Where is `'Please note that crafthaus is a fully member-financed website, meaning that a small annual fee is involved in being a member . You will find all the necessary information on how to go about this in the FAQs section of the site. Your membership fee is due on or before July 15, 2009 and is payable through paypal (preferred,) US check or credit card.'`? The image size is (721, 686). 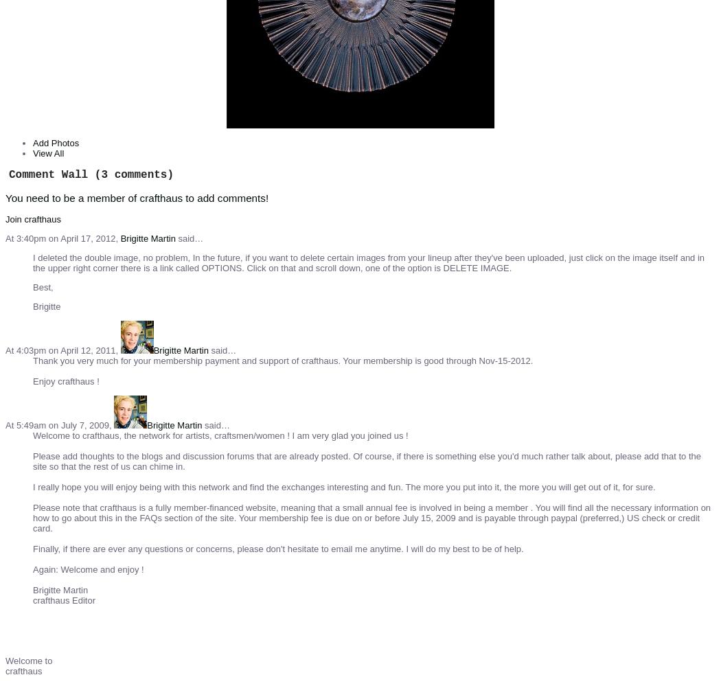 'Please note that crafthaus is a fully member-financed website, meaning that a small annual fee is involved in being a member . You will find all the necessary information on how to go about this in the FAQs section of the site. Your membership fee is due on or before July 15, 2009 and is payable through paypal (preferred,) US check or credit card.' is located at coordinates (371, 516).